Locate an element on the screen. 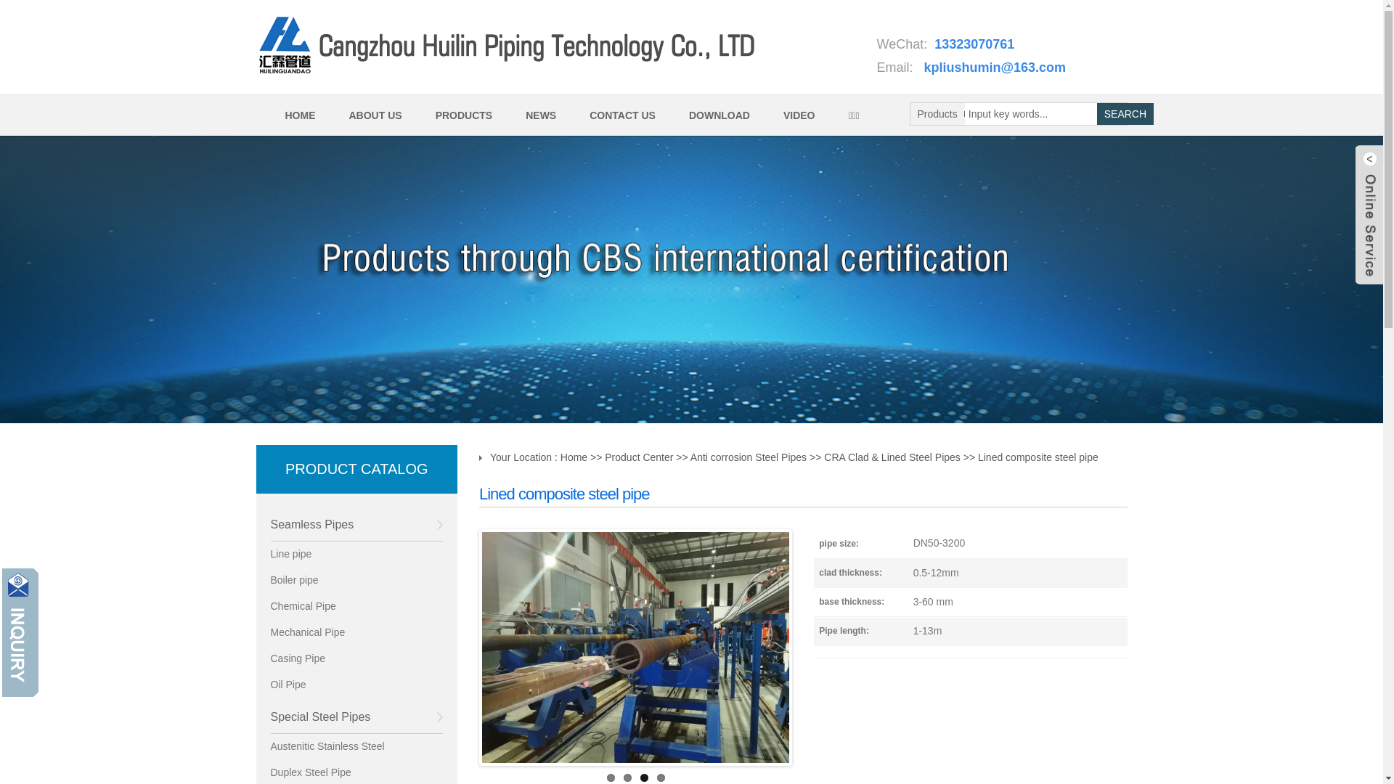 This screenshot has width=1394, height=784. 'Seamless Pipes' is located at coordinates (270, 524).